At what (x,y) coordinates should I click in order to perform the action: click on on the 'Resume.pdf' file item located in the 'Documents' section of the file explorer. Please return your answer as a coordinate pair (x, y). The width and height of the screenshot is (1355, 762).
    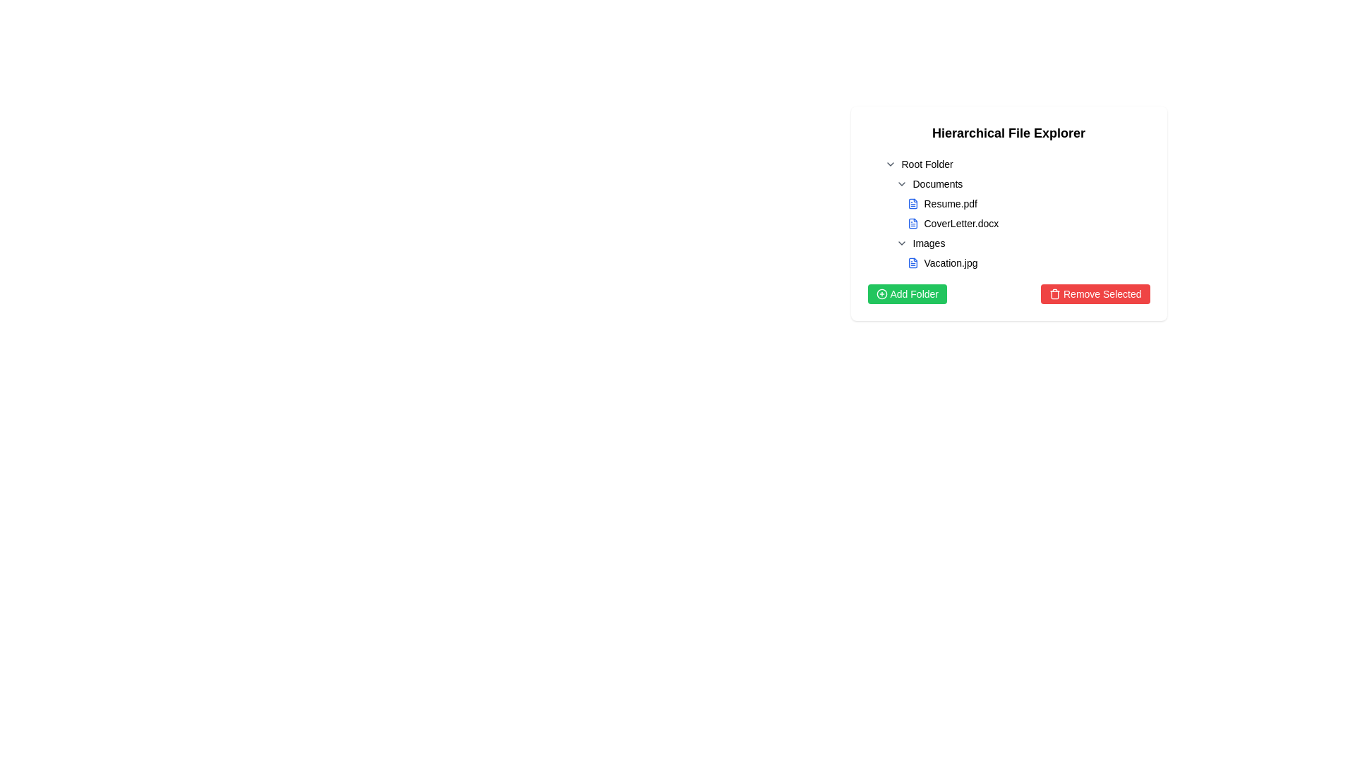
    Looking at the image, I should click on (1025, 204).